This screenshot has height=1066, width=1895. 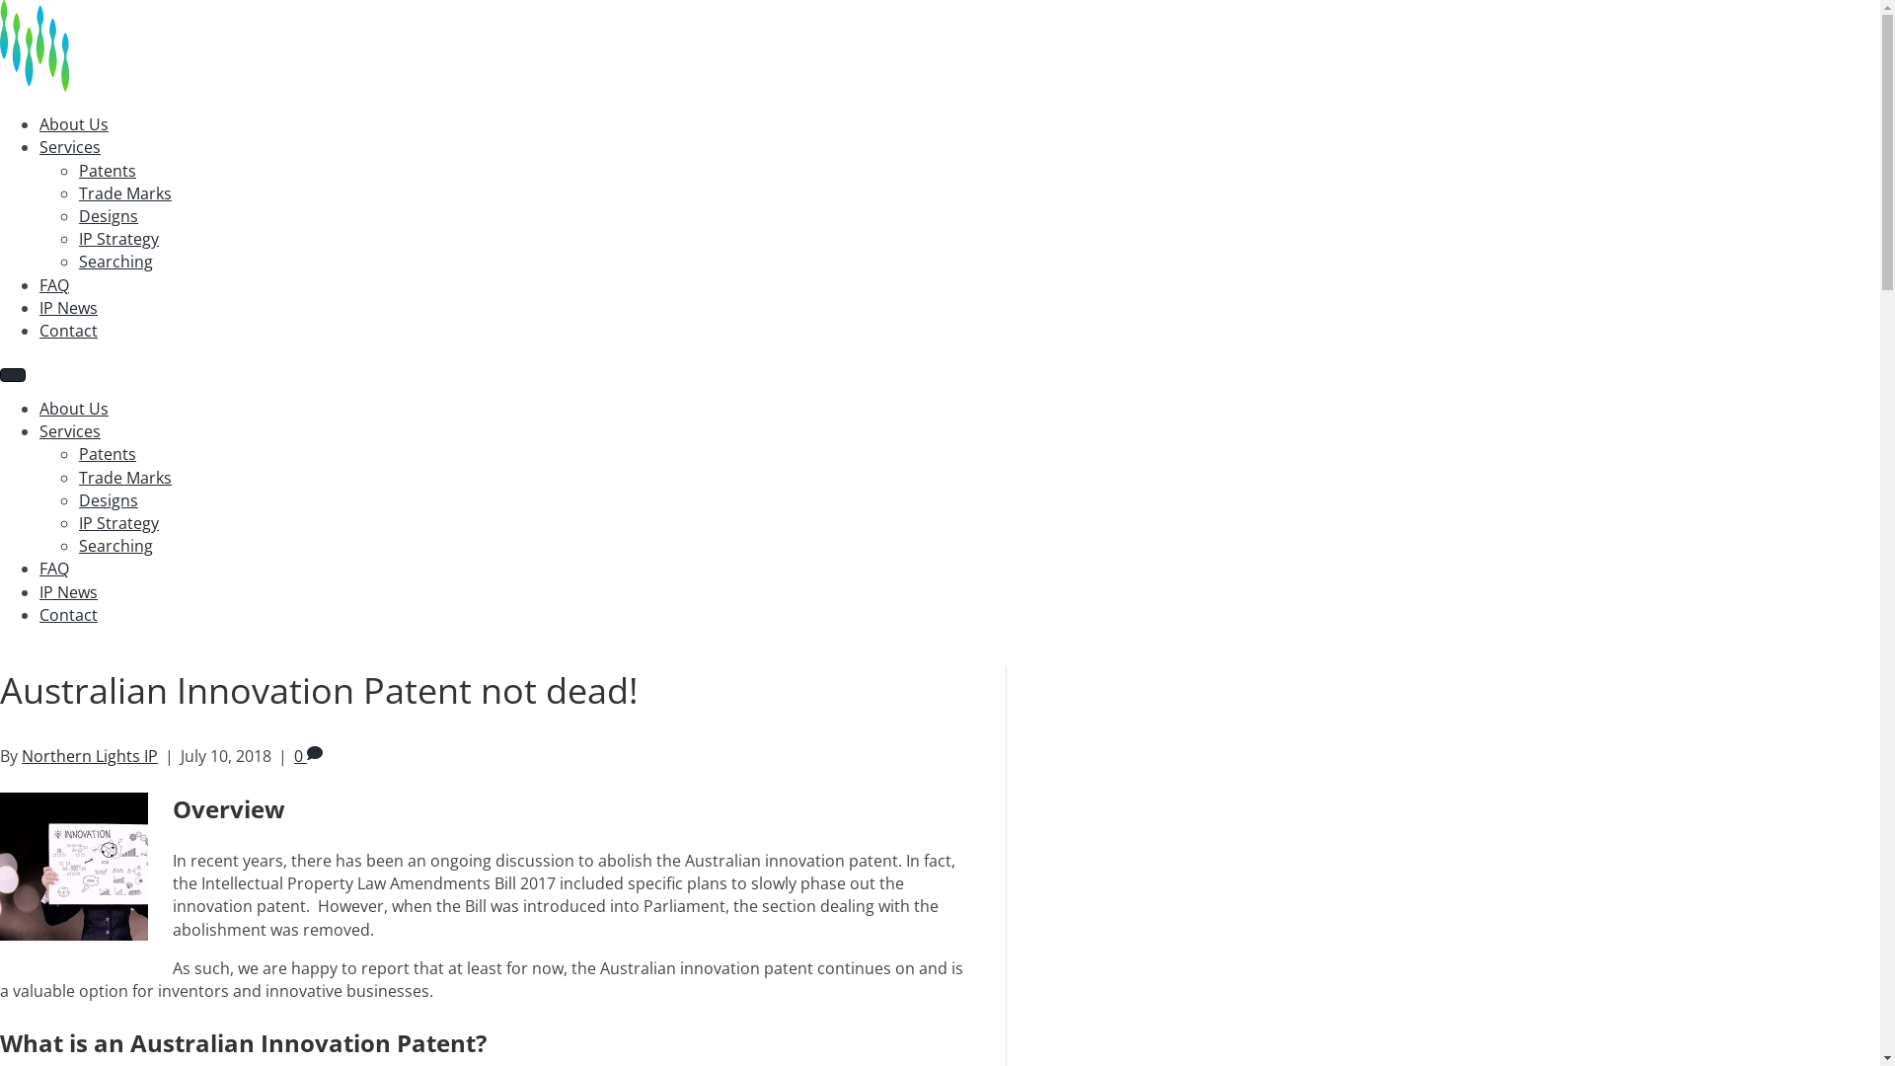 What do you see at coordinates (74, 124) in the screenshot?
I see `'About Us'` at bounding box center [74, 124].